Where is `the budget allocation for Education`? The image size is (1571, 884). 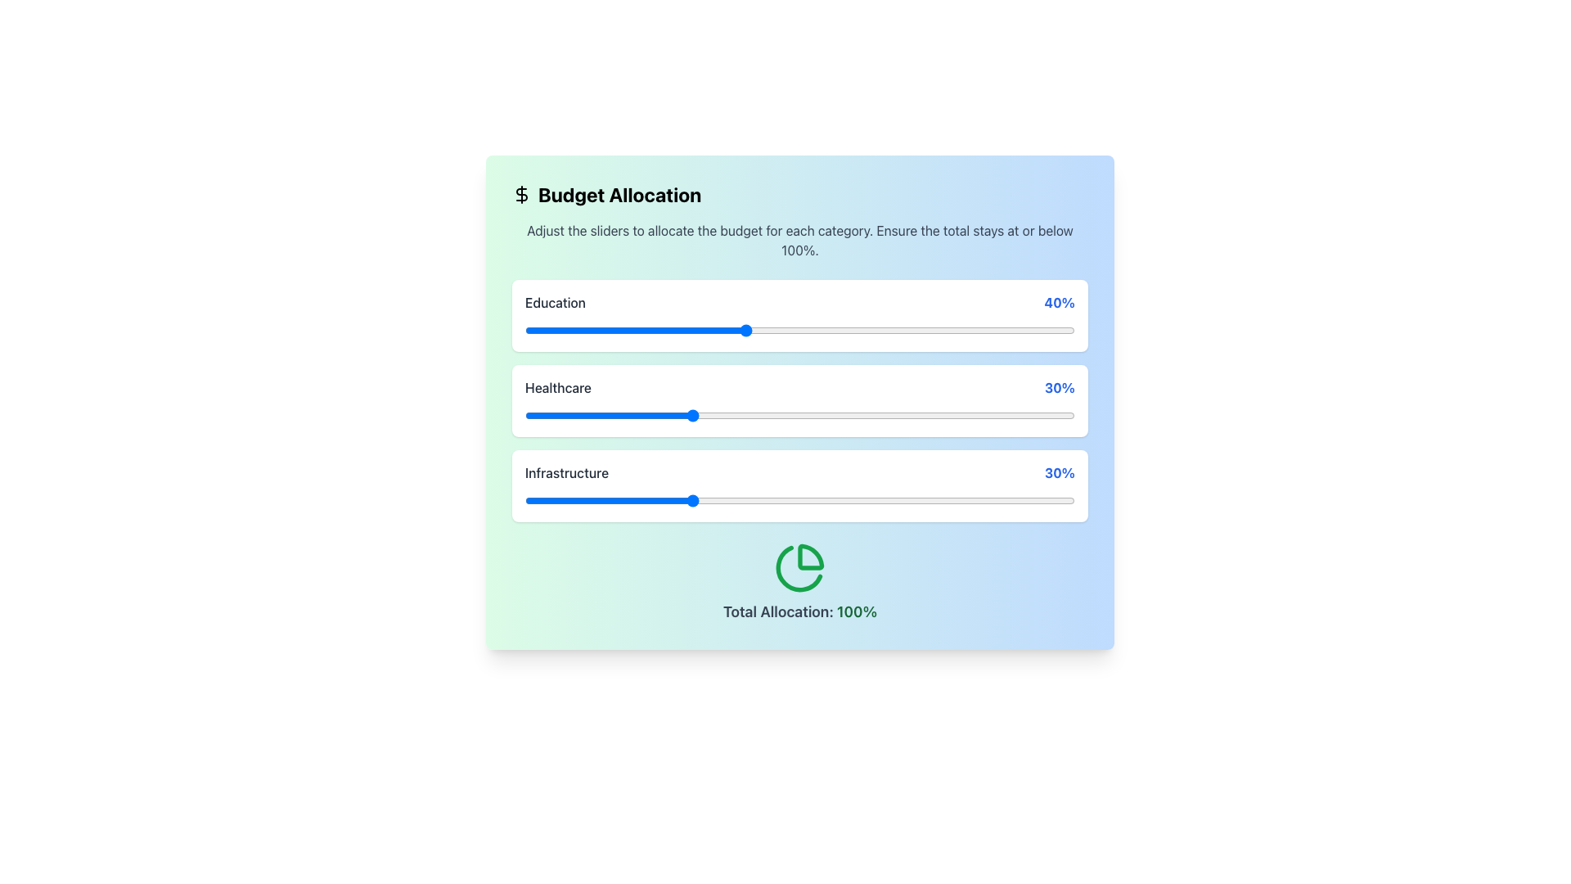
the budget allocation for Education is located at coordinates (805, 331).